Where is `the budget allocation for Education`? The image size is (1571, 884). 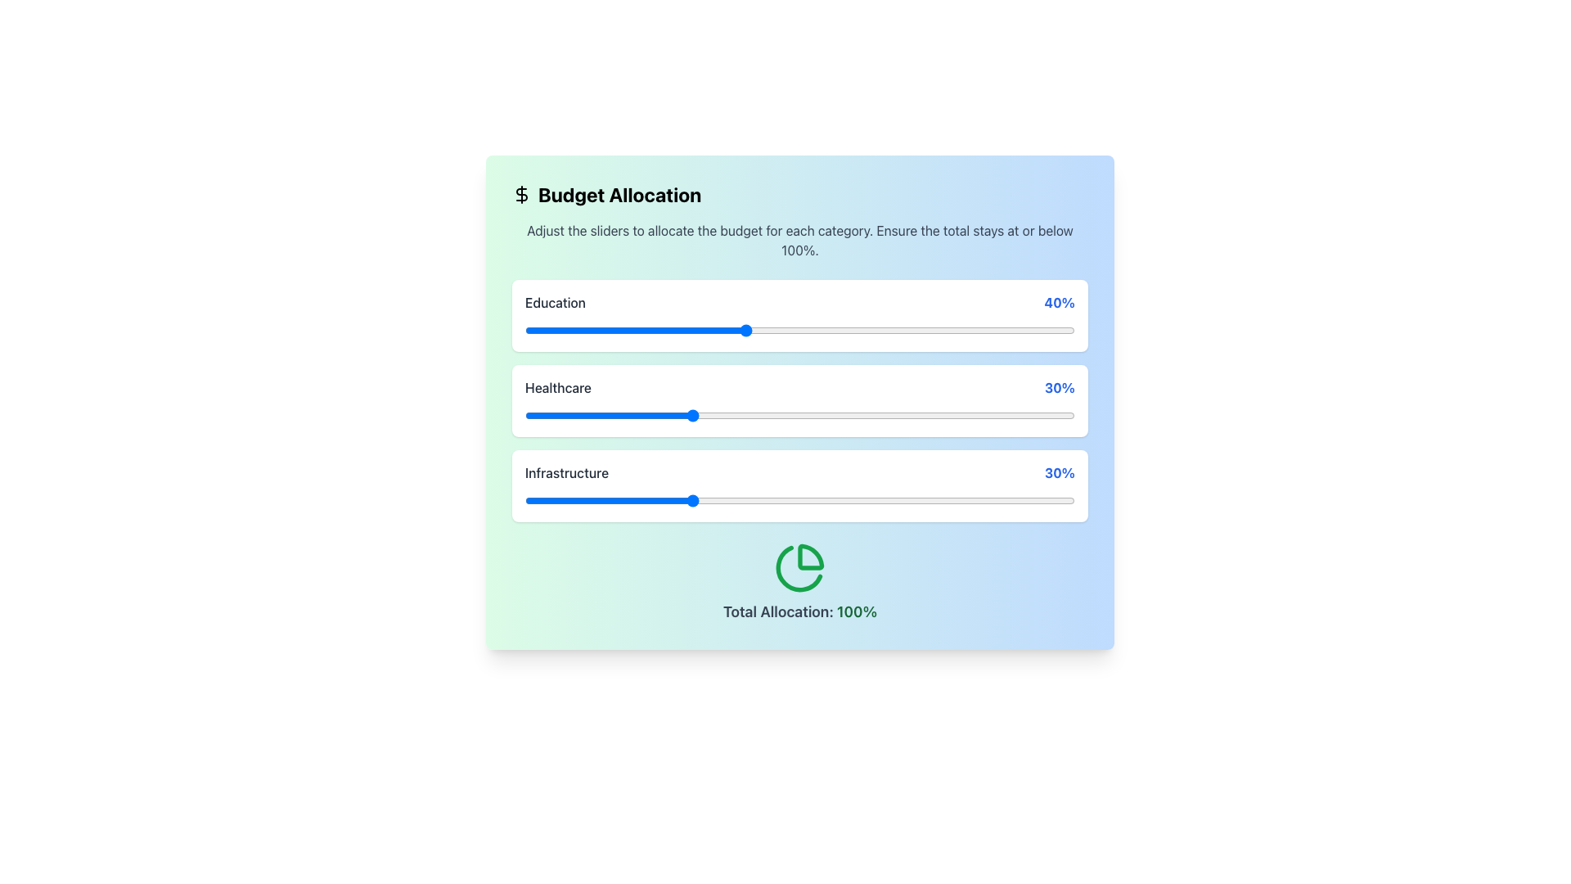
the budget allocation for Education is located at coordinates (805, 331).